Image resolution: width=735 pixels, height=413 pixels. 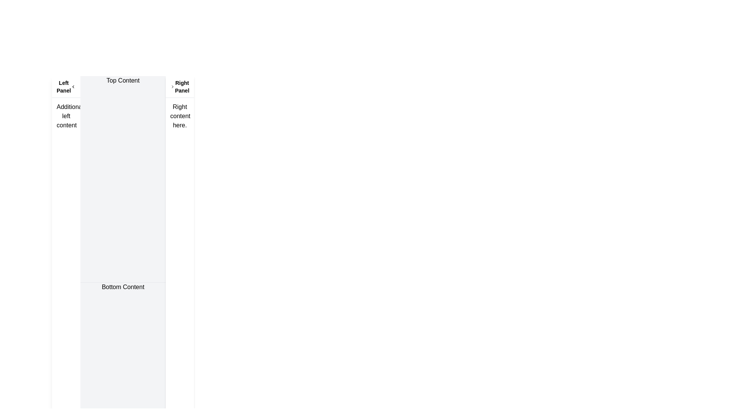 I want to click on the arrow icon located at the header of the right-aligned panel to expand or collapse the panel, so click(x=179, y=86).